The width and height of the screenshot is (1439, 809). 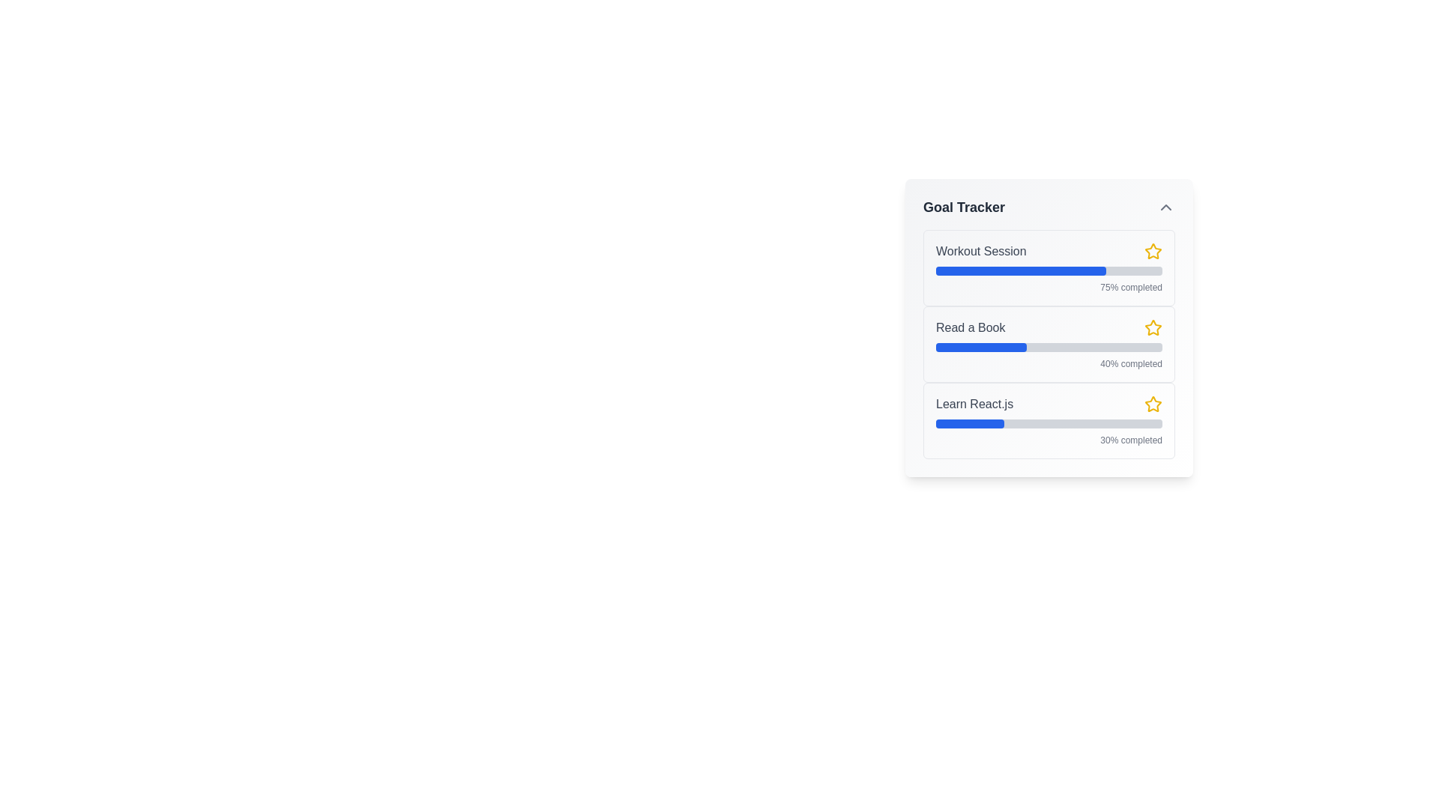 What do you see at coordinates (1049, 344) in the screenshot?
I see `the 'Read a Book' text within the progress tracker card` at bounding box center [1049, 344].